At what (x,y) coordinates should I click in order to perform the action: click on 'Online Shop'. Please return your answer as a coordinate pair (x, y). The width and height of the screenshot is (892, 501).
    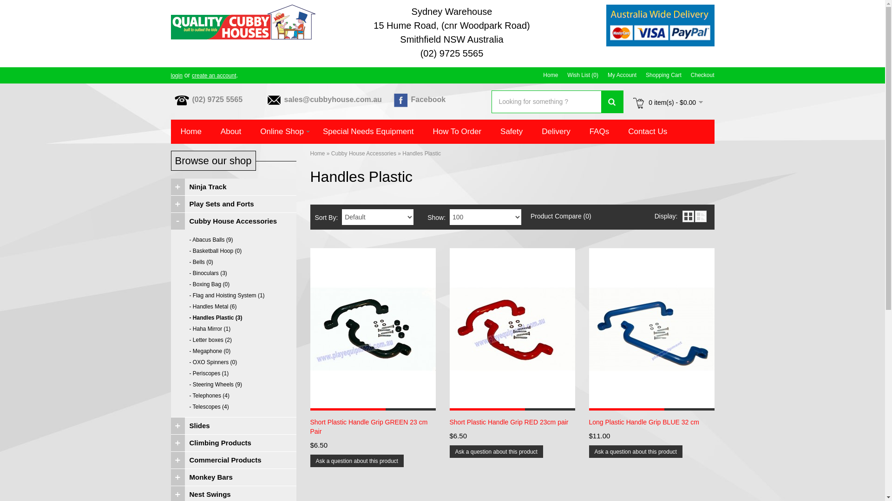
    Looking at the image, I should click on (282, 132).